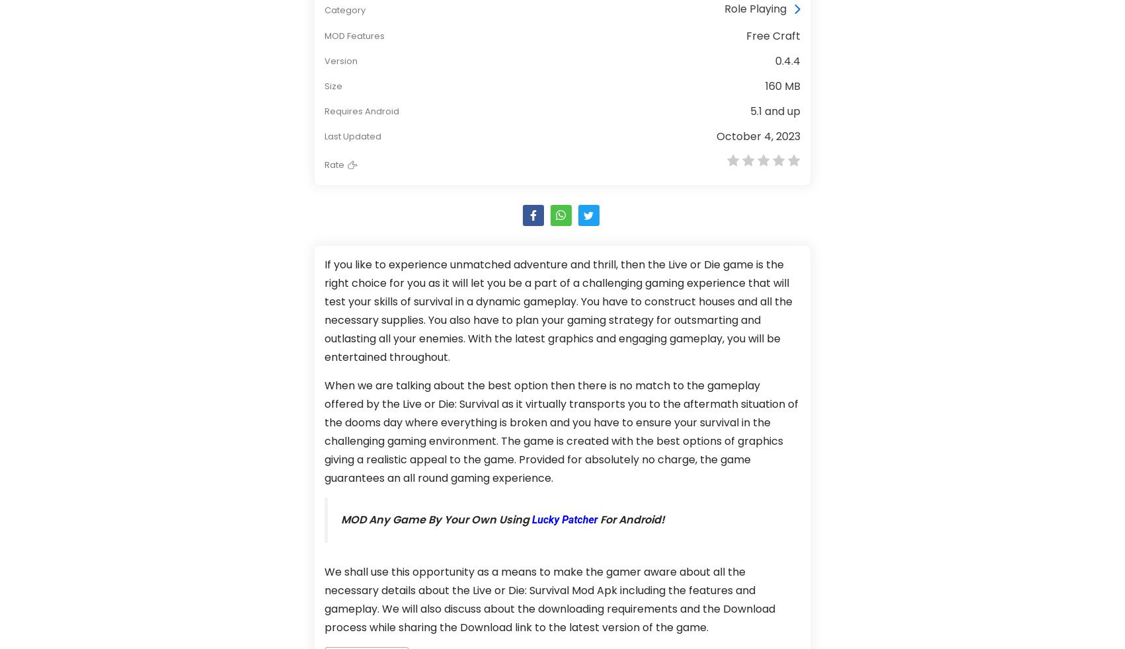 The width and height of the screenshot is (1125, 649). Describe the element at coordinates (332, 85) in the screenshot. I see `'Size'` at that location.